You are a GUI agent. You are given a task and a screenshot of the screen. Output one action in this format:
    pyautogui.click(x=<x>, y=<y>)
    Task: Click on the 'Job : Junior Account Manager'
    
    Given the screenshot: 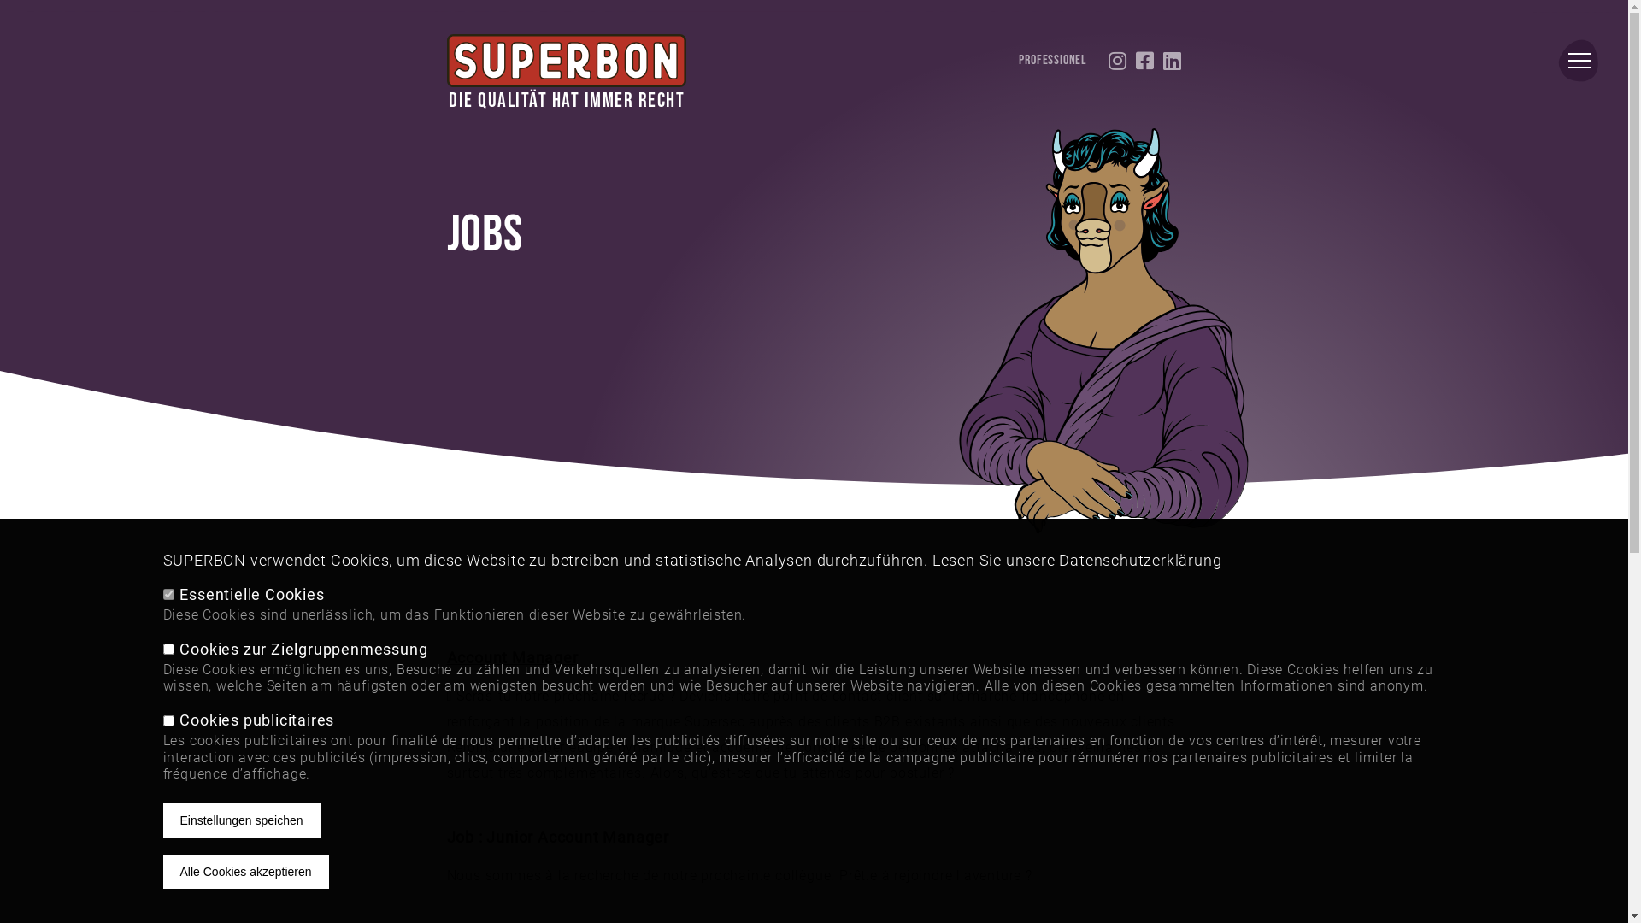 What is the action you would take?
    pyautogui.click(x=557, y=836)
    